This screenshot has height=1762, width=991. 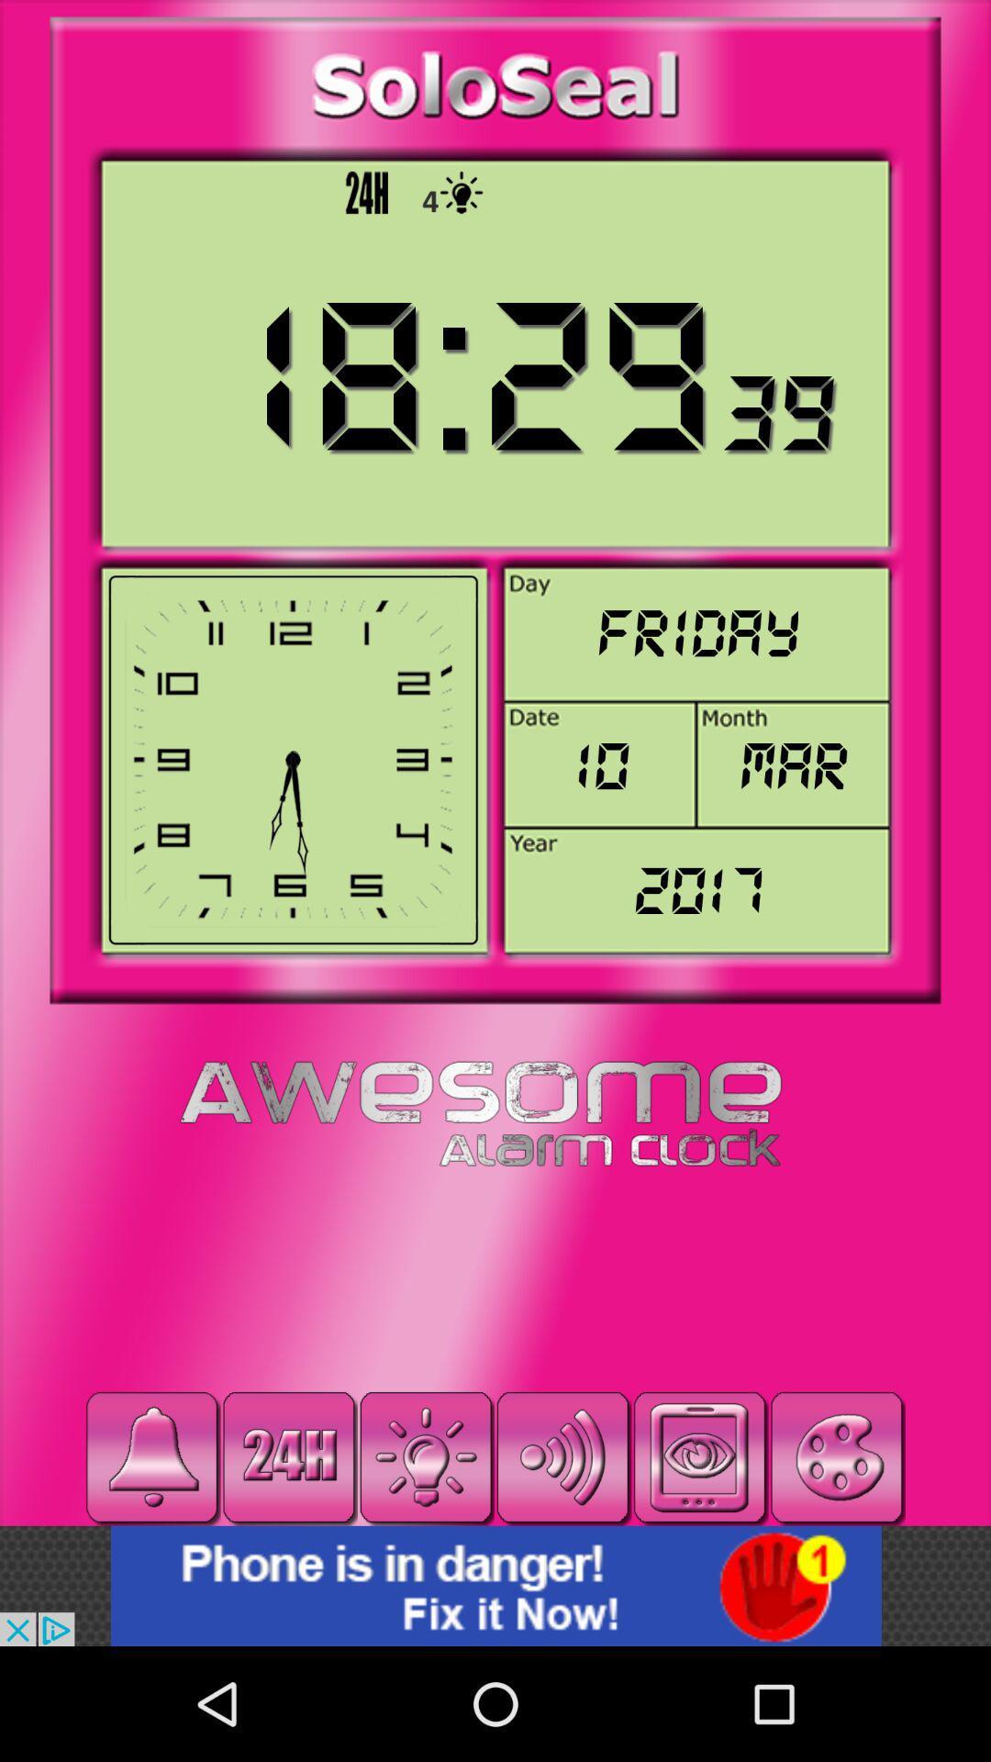 I want to click on light, so click(x=426, y=1456).